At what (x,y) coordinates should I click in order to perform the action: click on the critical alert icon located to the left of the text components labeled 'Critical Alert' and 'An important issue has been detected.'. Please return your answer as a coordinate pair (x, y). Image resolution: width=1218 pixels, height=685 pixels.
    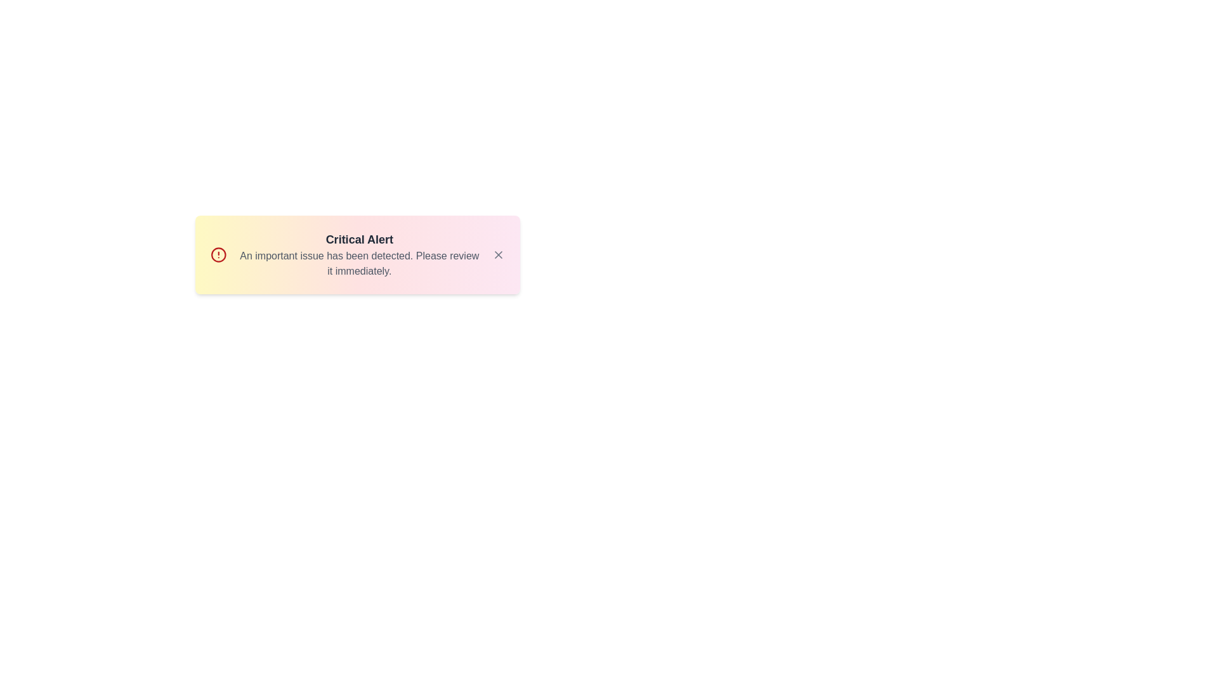
    Looking at the image, I should click on (218, 254).